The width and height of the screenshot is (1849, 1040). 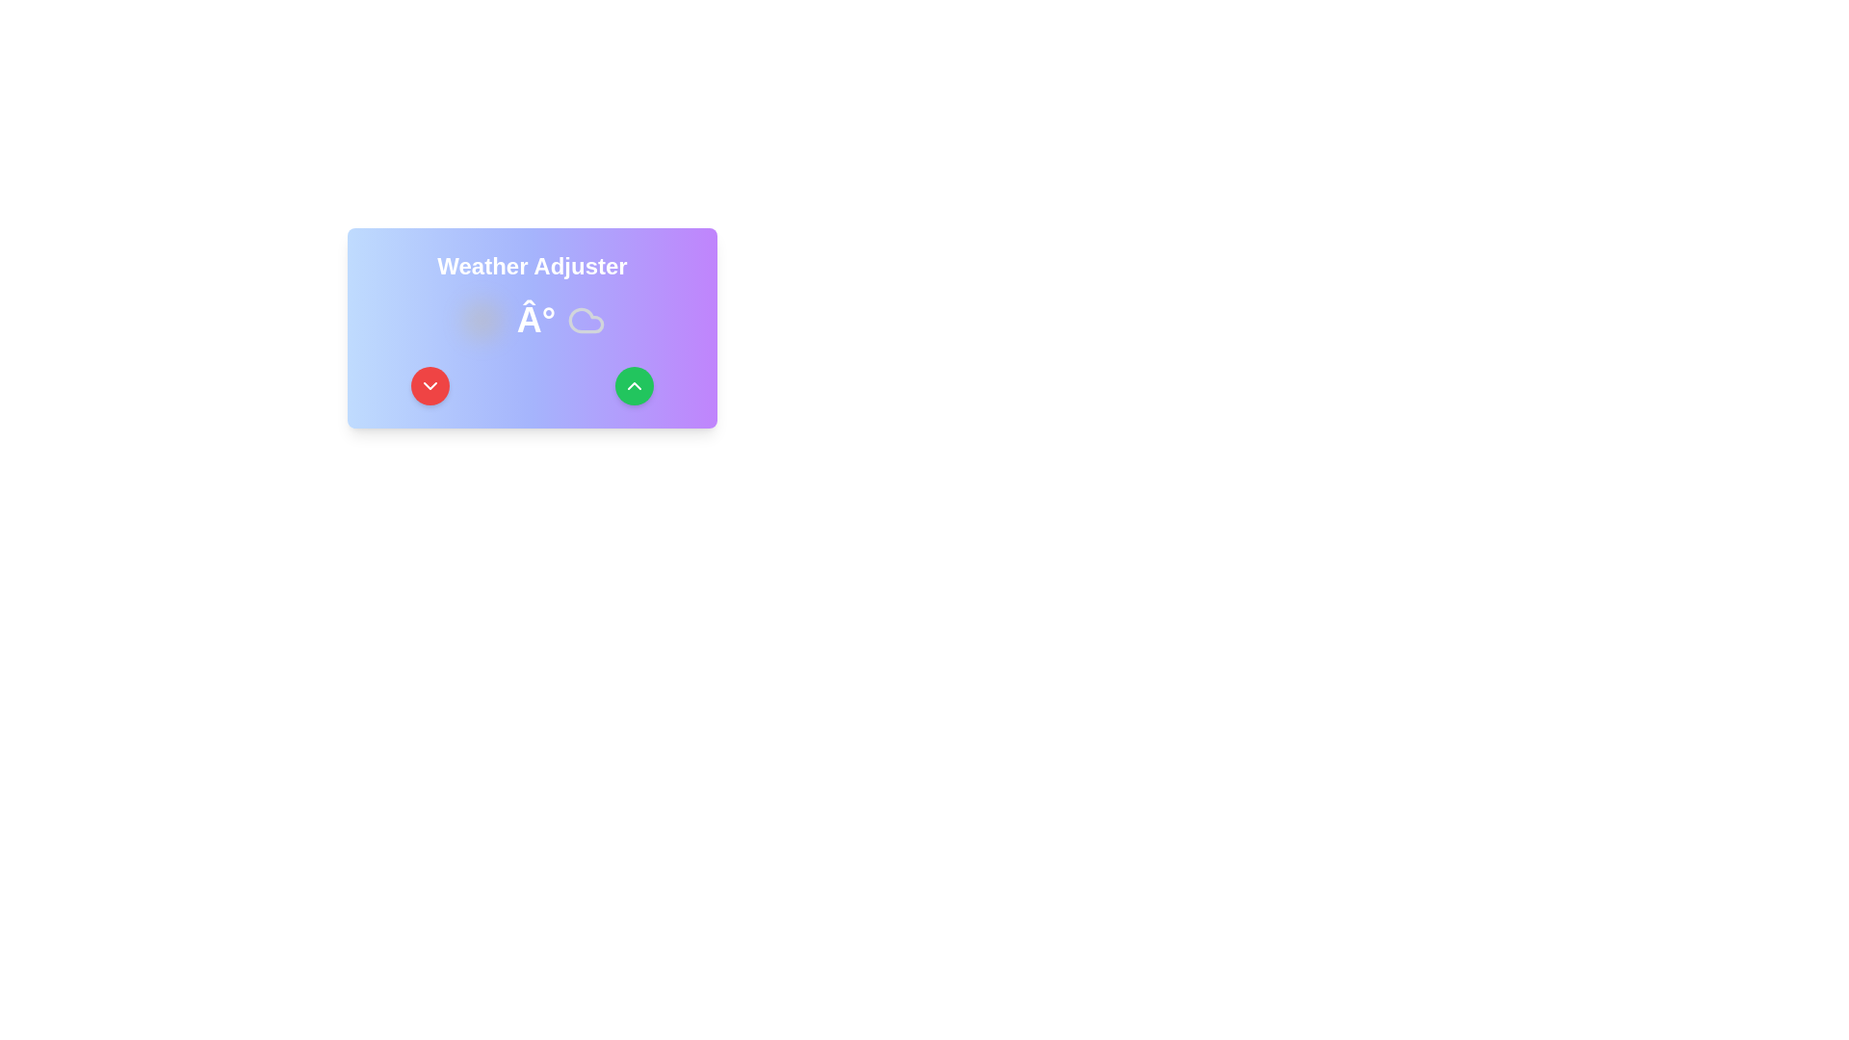 I want to click on the rightmost button with an upward chevron icon located under the 'Weather Adjuster' panel, so click(x=634, y=386).